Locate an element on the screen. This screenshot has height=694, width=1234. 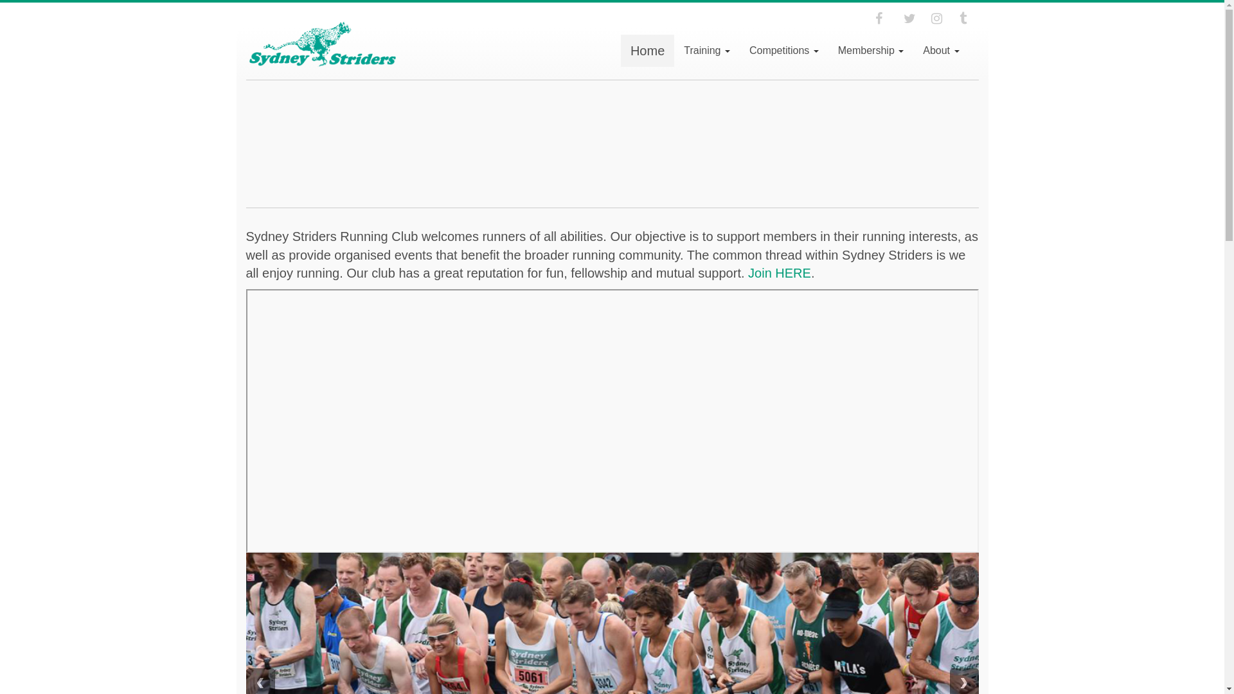
'twitter' is located at coordinates (903, 19).